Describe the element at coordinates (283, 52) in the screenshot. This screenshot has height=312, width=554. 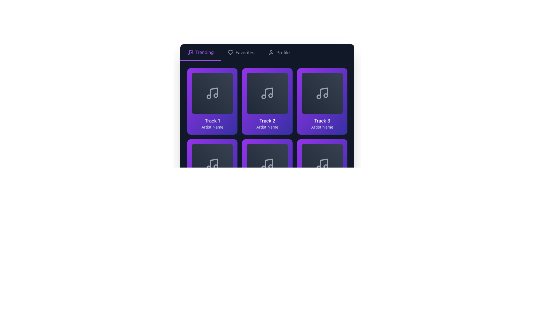
I see `the content of the 'Profile' navigation label located at the far-right end of the top navigation bar, adjacent to the user icon` at that location.